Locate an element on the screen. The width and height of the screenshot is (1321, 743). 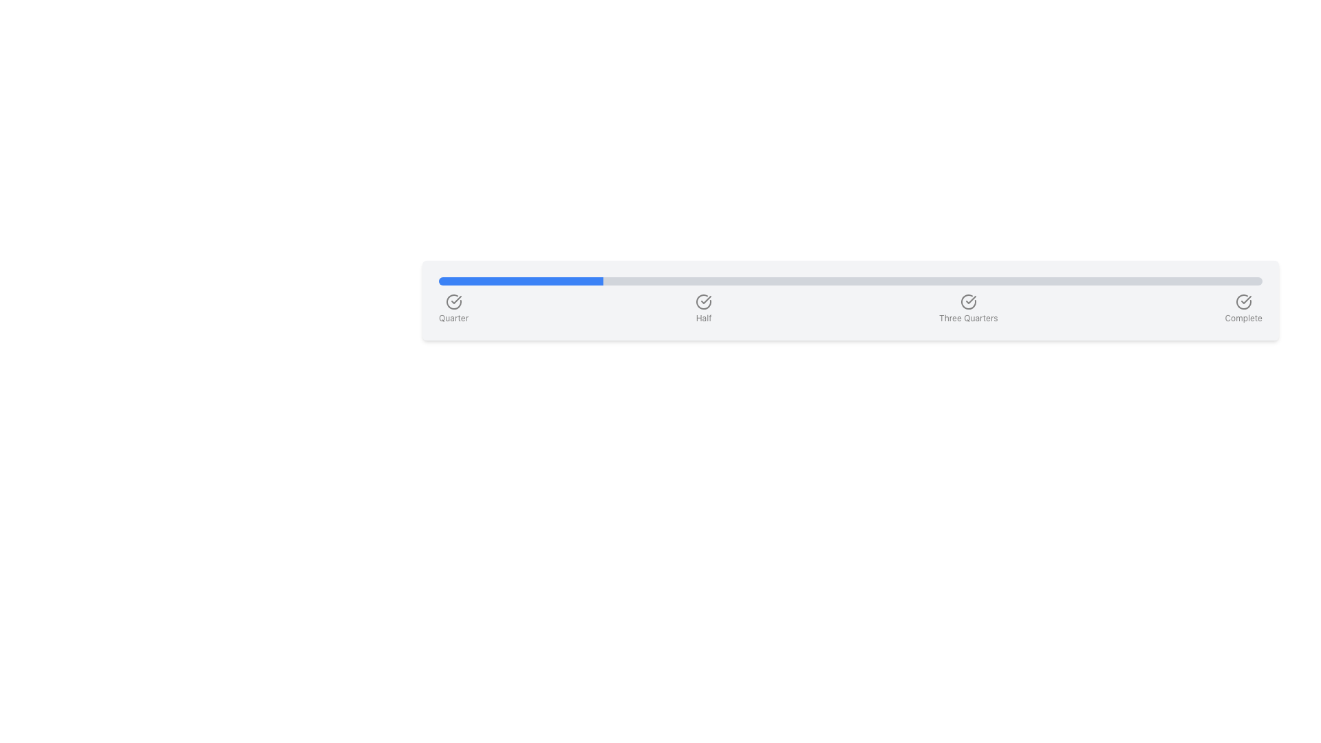
the first circular SVG icon indicating the completion of the 'Quarter' stage in the progress tracker is located at coordinates (453, 301).